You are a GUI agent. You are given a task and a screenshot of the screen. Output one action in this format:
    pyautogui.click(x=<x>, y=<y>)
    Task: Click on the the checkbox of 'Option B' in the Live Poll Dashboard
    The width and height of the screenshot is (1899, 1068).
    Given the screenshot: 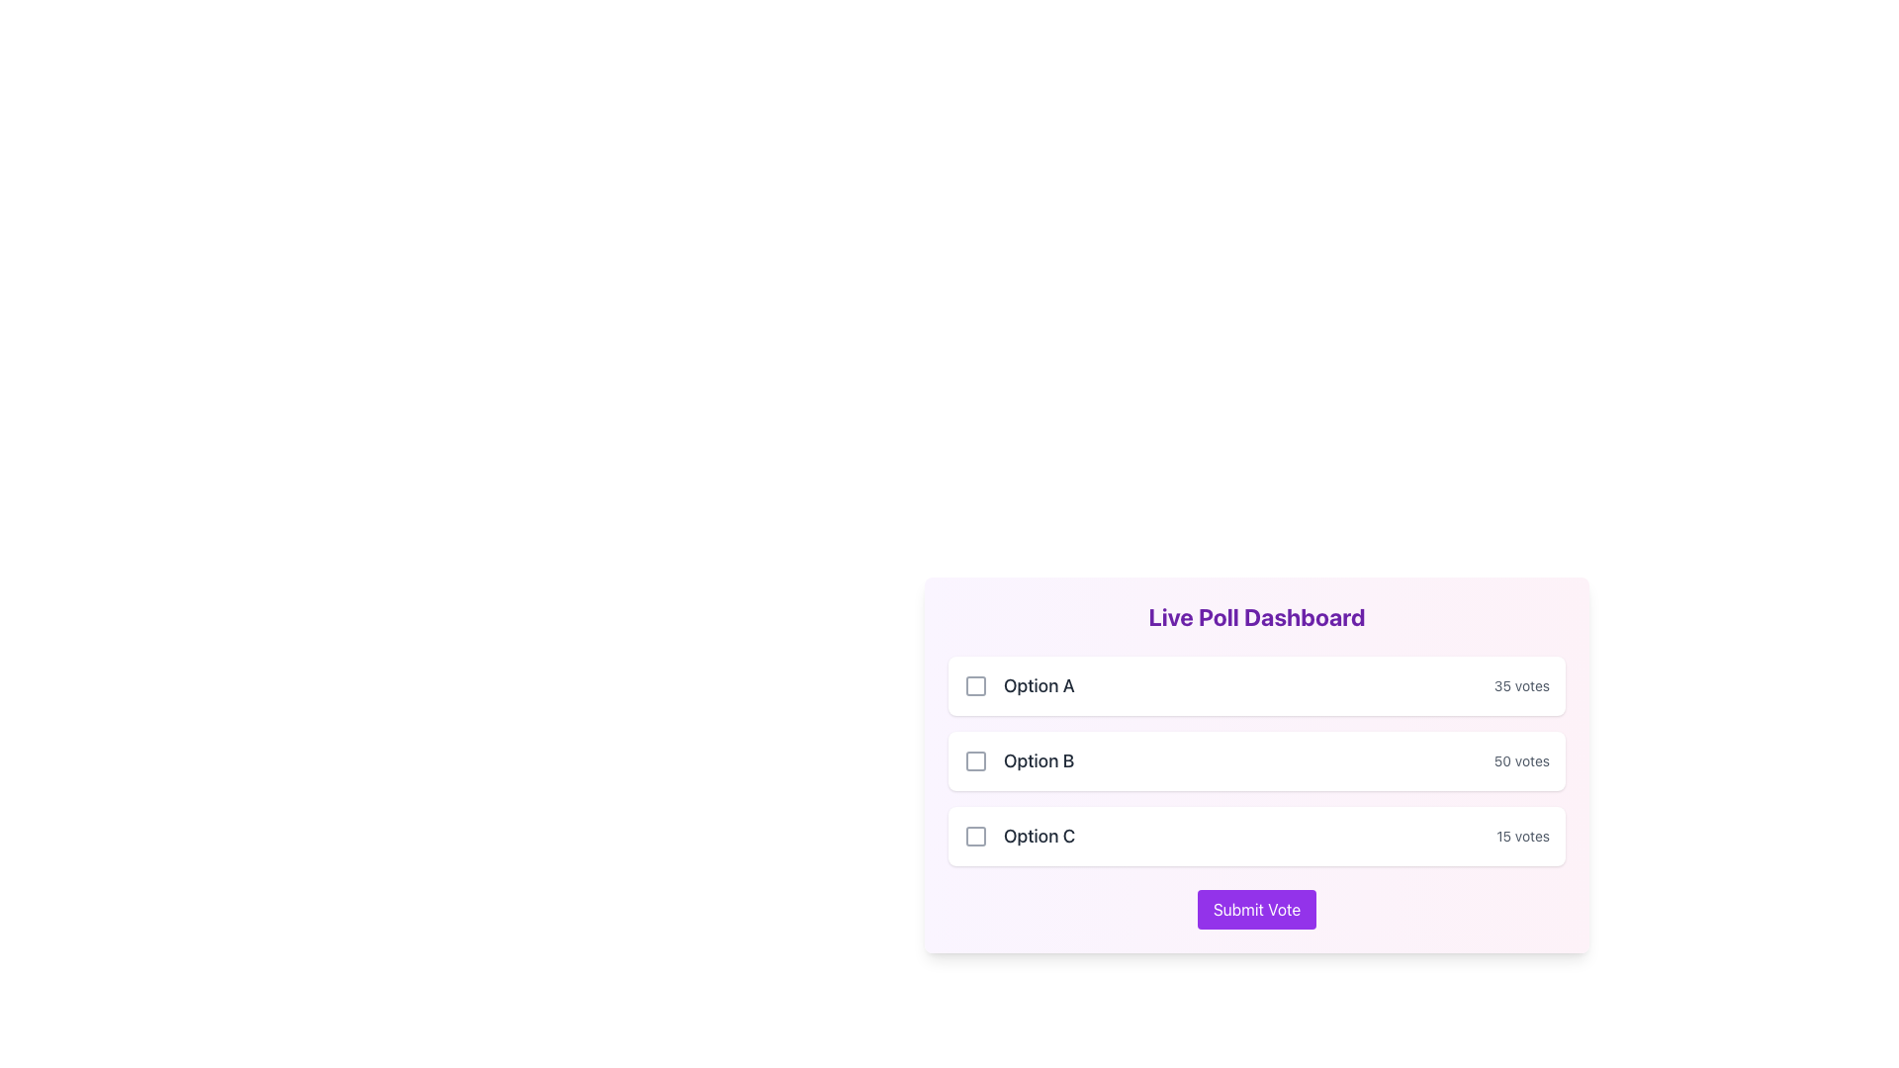 What is the action you would take?
    pyautogui.click(x=1256, y=760)
    